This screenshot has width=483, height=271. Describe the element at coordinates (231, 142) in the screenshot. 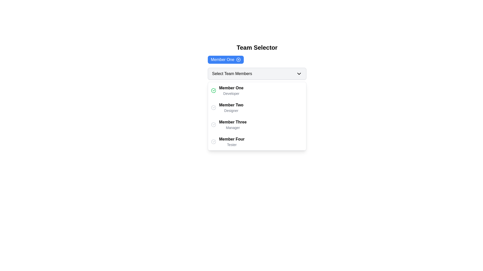

I see `the text label representing the dropdown menu list entry for 'Member Four' with role 'Tester'` at that location.